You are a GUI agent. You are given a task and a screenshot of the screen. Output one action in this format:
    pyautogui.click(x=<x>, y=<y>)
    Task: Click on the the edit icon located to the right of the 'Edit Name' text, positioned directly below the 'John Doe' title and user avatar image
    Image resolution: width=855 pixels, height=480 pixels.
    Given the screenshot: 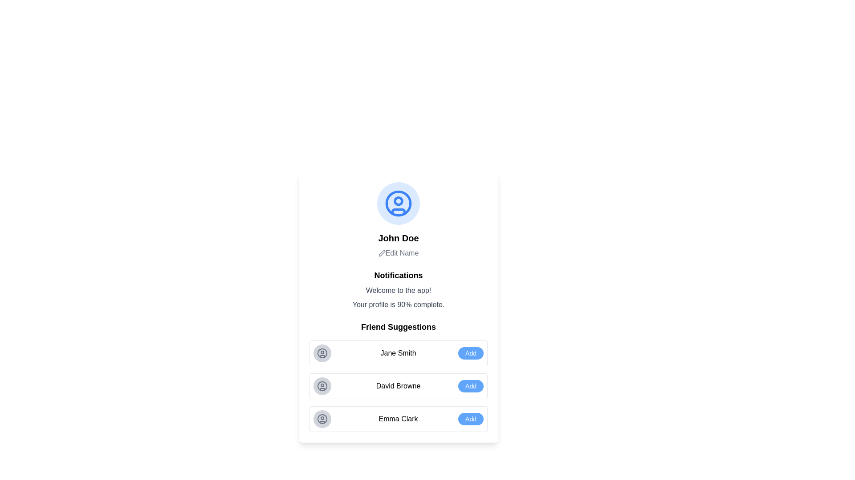 What is the action you would take?
    pyautogui.click(x=382, y=253)
    